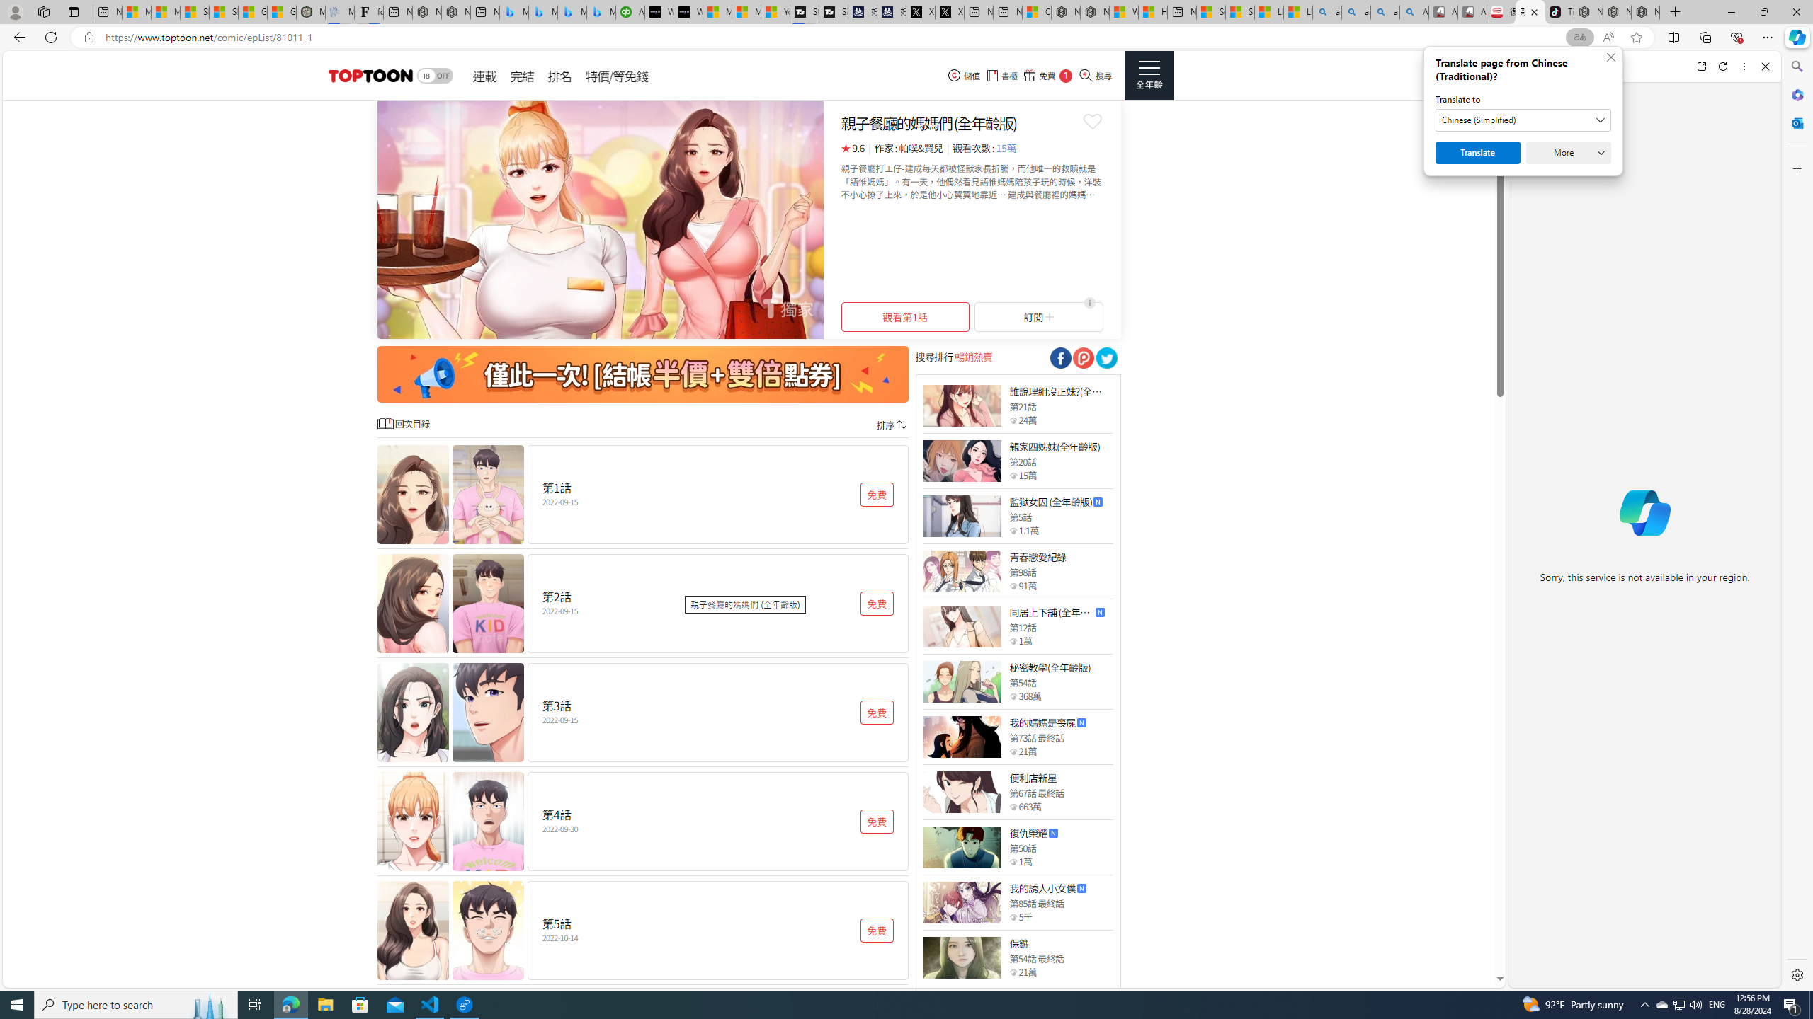  What do you see at coordinates (1472, 11) in the screenshot?
I see `'All Cubot phones'` at bounding box center [1472, 11].